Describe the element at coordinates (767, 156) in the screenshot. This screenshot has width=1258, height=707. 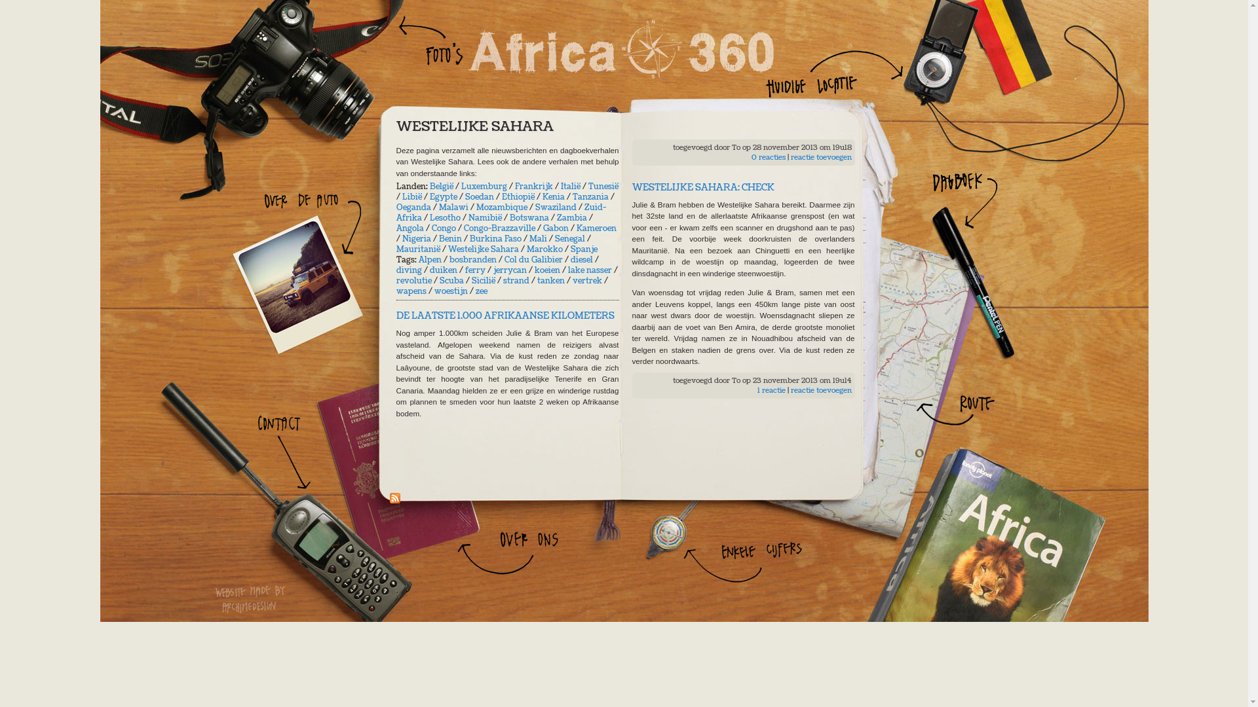
I see `'0 reacties'` at that location.